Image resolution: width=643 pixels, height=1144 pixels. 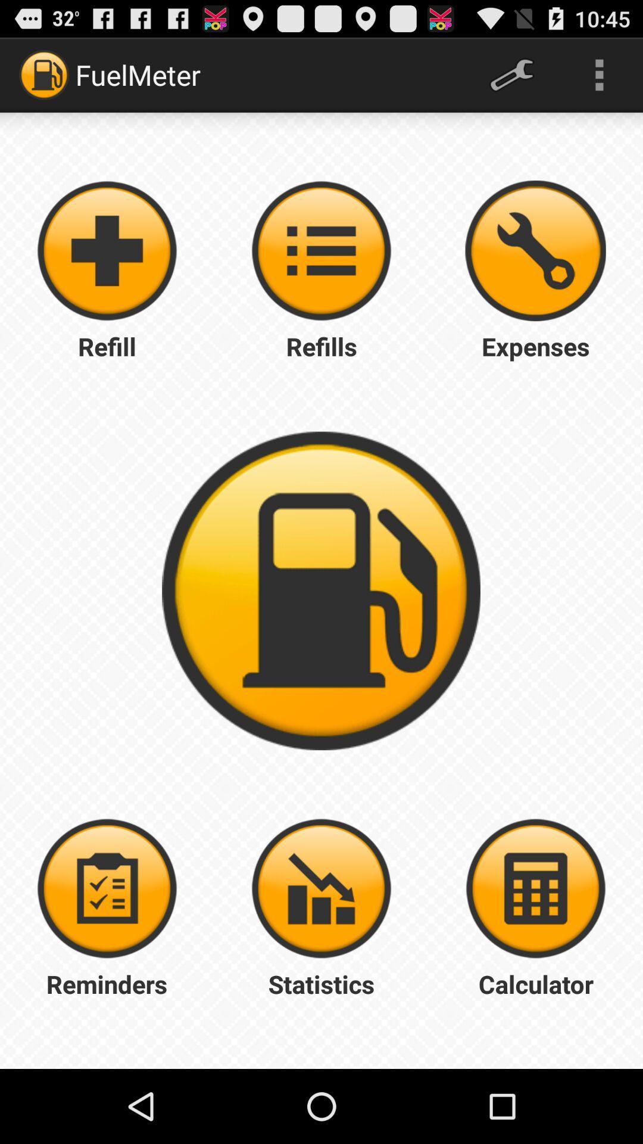 What do you see at coordinates (535, 250) in the screenshot?
I see `auto repair expenses` at bounding box center [535, 250].